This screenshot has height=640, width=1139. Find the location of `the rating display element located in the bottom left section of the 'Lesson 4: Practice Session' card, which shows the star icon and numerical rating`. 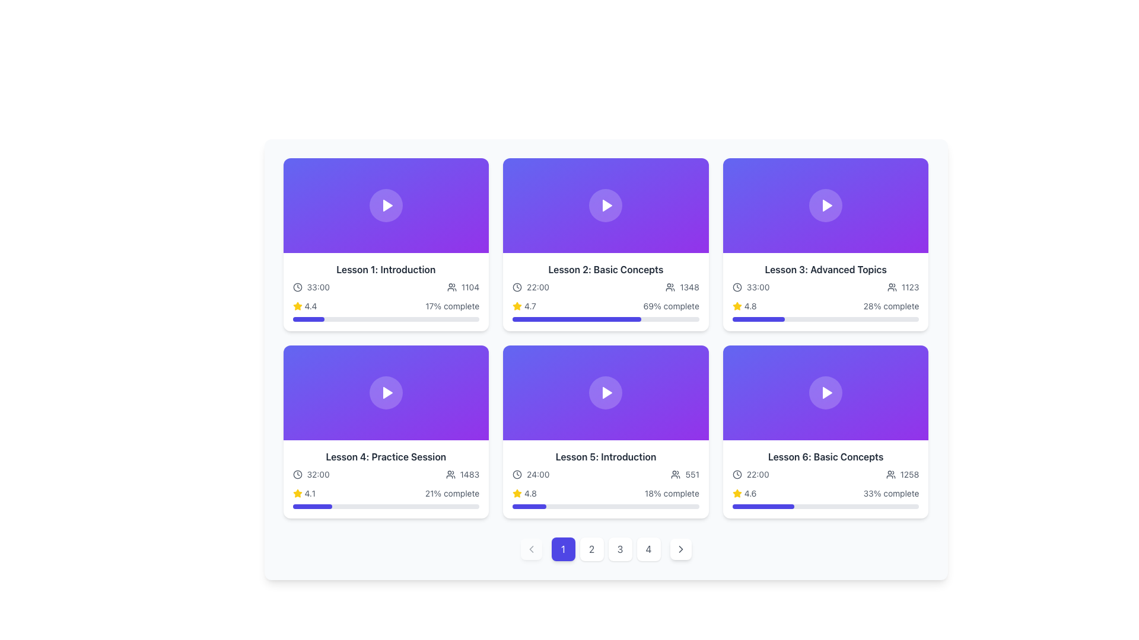

the rating display element located in the bottom left section of the 'Lesson 4: Practice Session' card, which shows the star icon and numerical rating is located at coordinates (304, 494).